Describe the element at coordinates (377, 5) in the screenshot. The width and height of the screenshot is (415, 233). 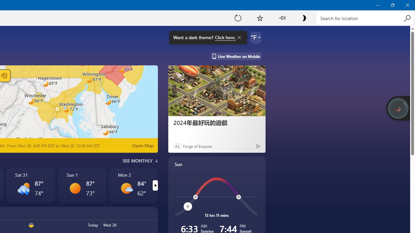
I see `'Minimize Weather'` at that location.